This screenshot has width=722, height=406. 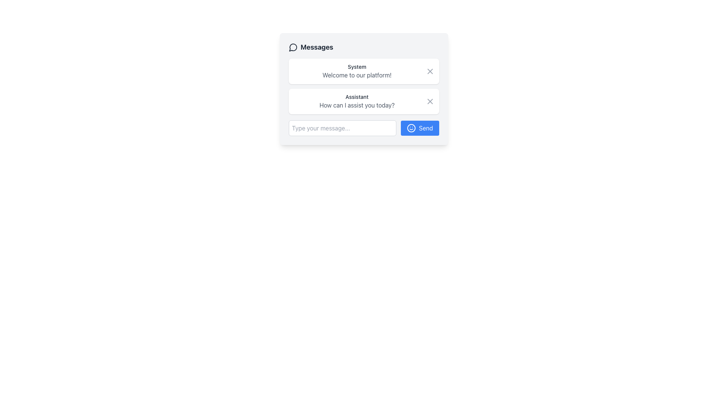 What do you see at coordinates (311, 47) in the screenshot?
I see `the static text label indicating the purpose of the 'Messages' section, located in the top-left section of the panel` at bounding box center [311, 47].